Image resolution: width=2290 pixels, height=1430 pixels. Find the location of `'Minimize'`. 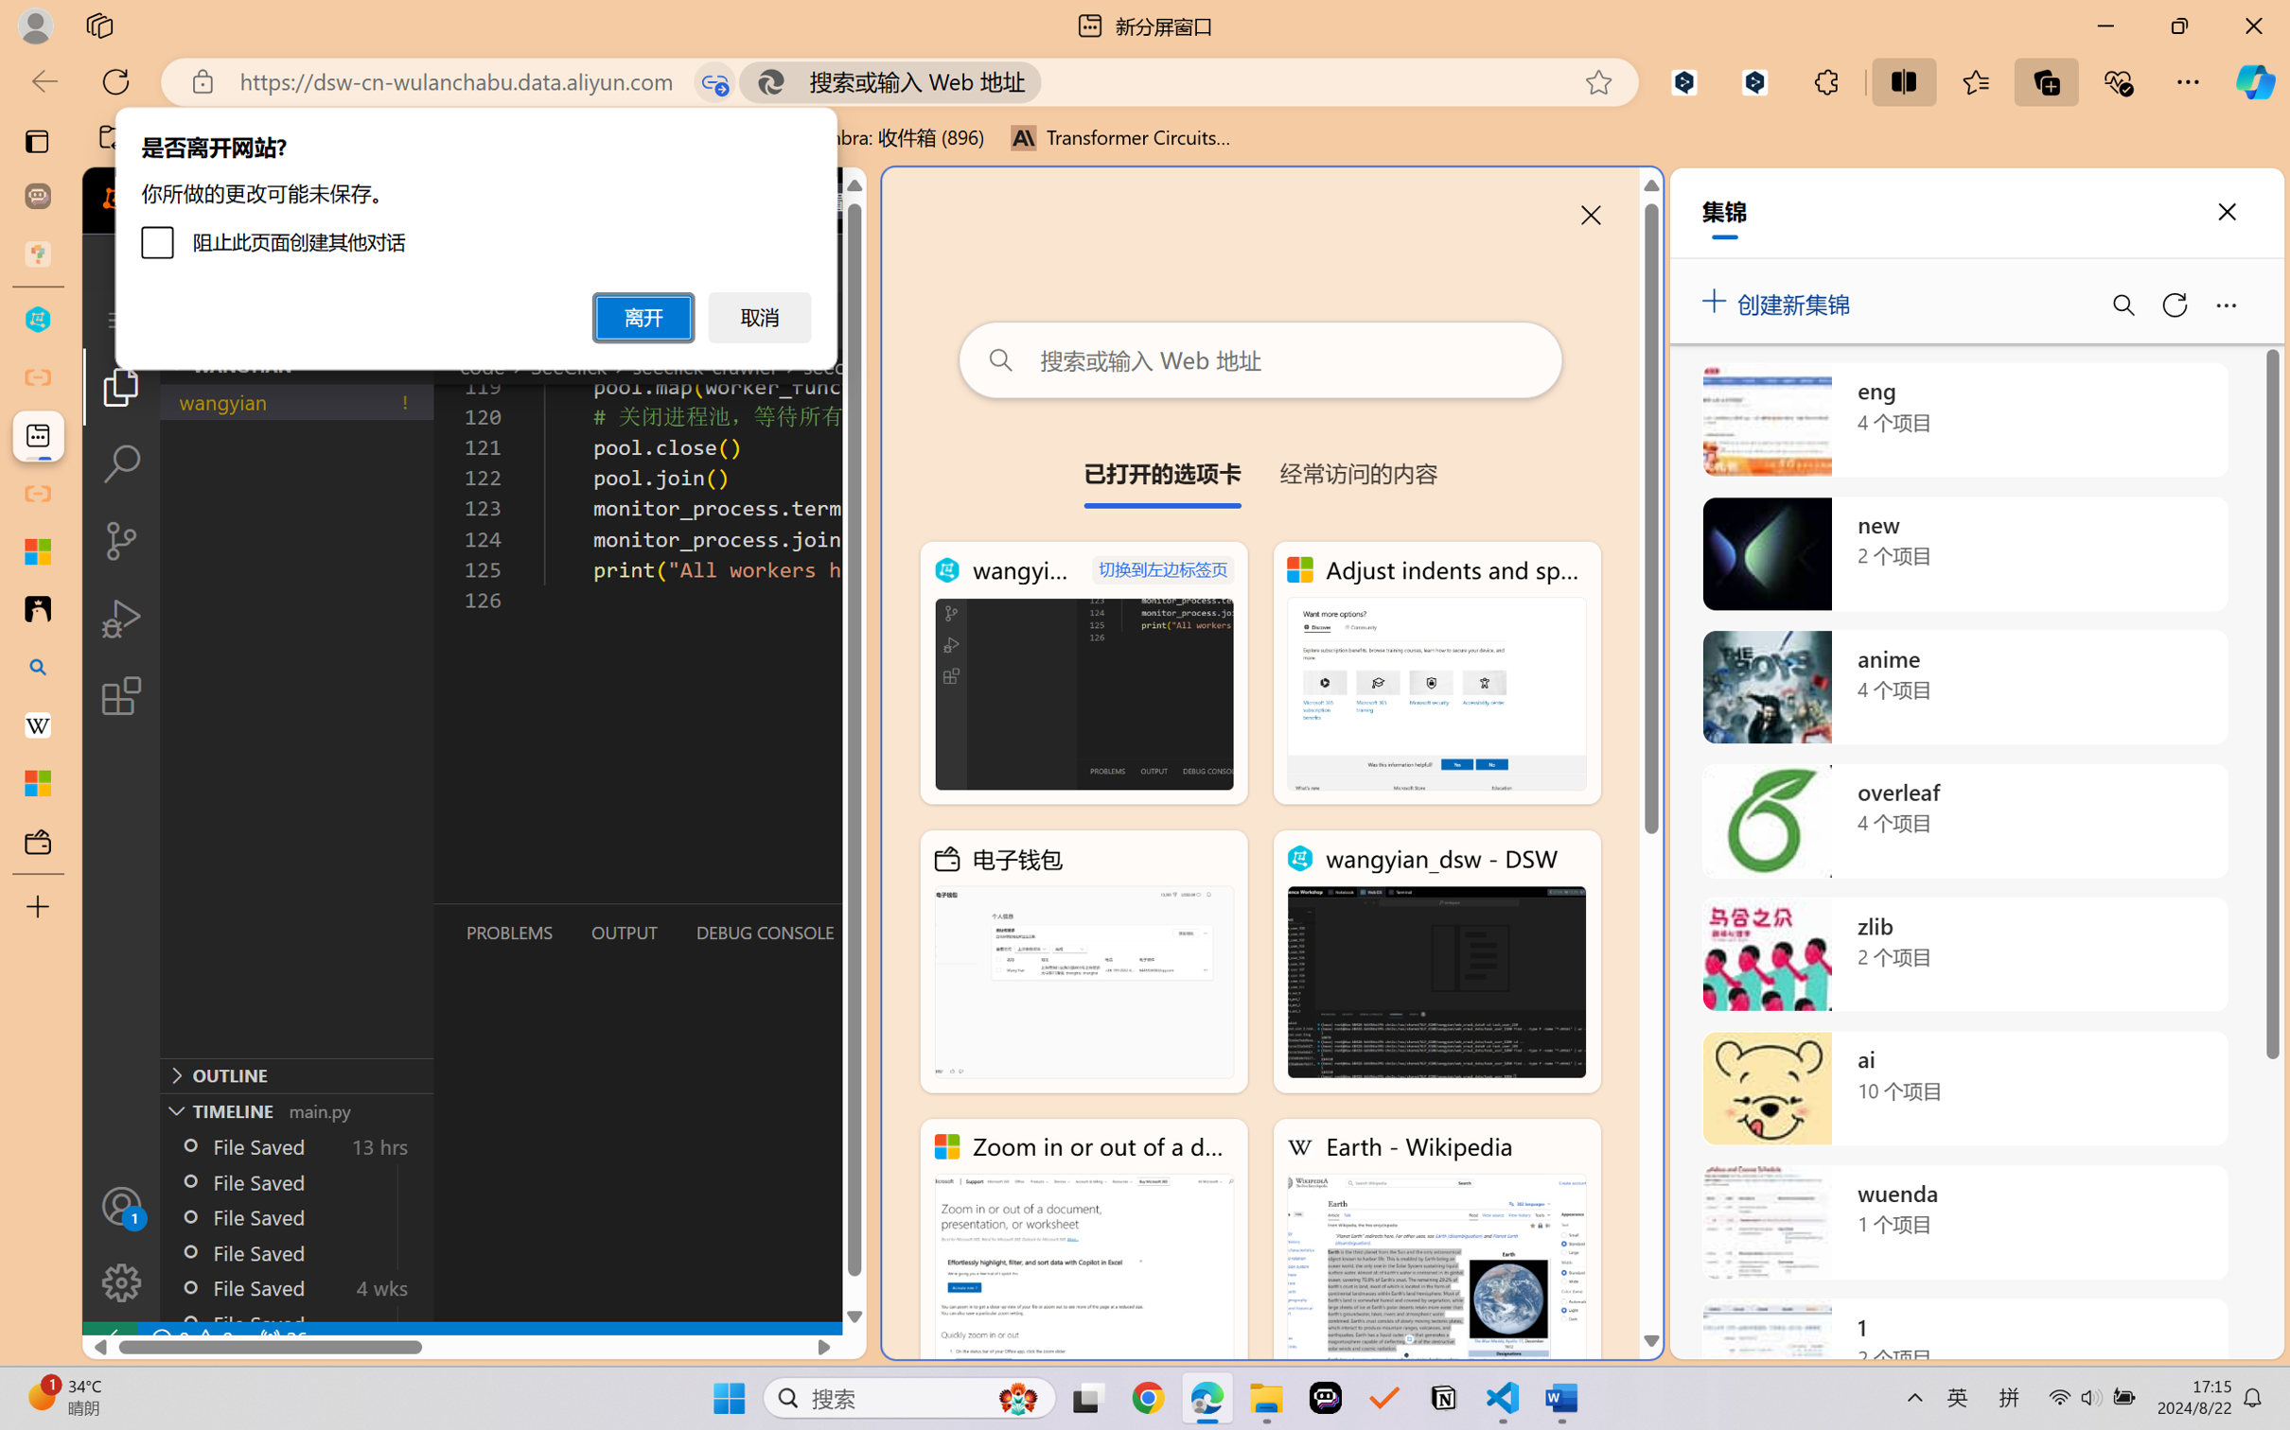

'Minimize' is located at coordinates (2185, 16).